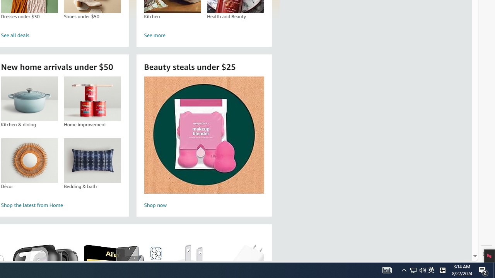 This screenshot has height=278, width=495. Describe the element at coordinates (92, 98) in the screenshot. I see `'Home improvement'` at that location.